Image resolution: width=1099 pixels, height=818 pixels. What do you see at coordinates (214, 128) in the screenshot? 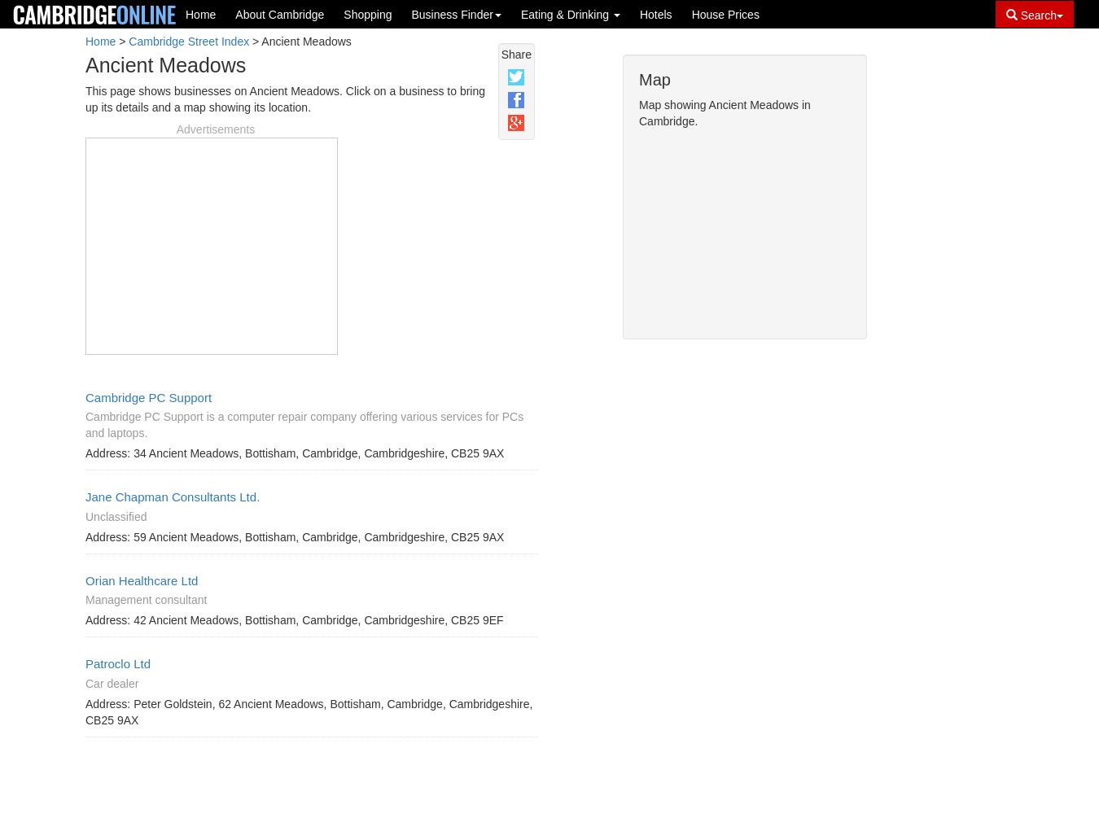
I see `'Advertisements'` at bounding box center [214, 128].